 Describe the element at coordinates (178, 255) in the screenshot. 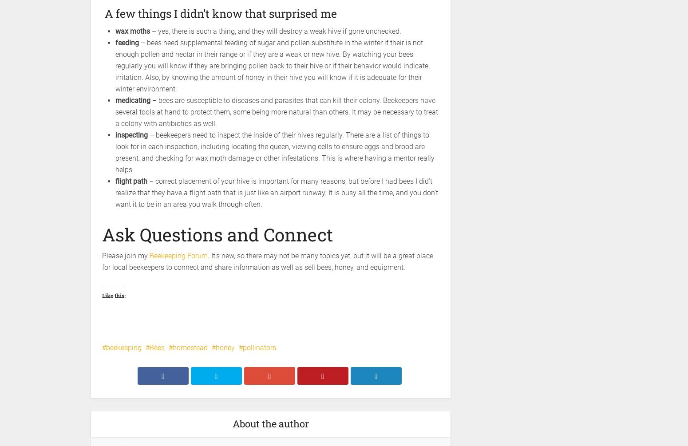

I see `'Beekeeping Forum'` at that location.